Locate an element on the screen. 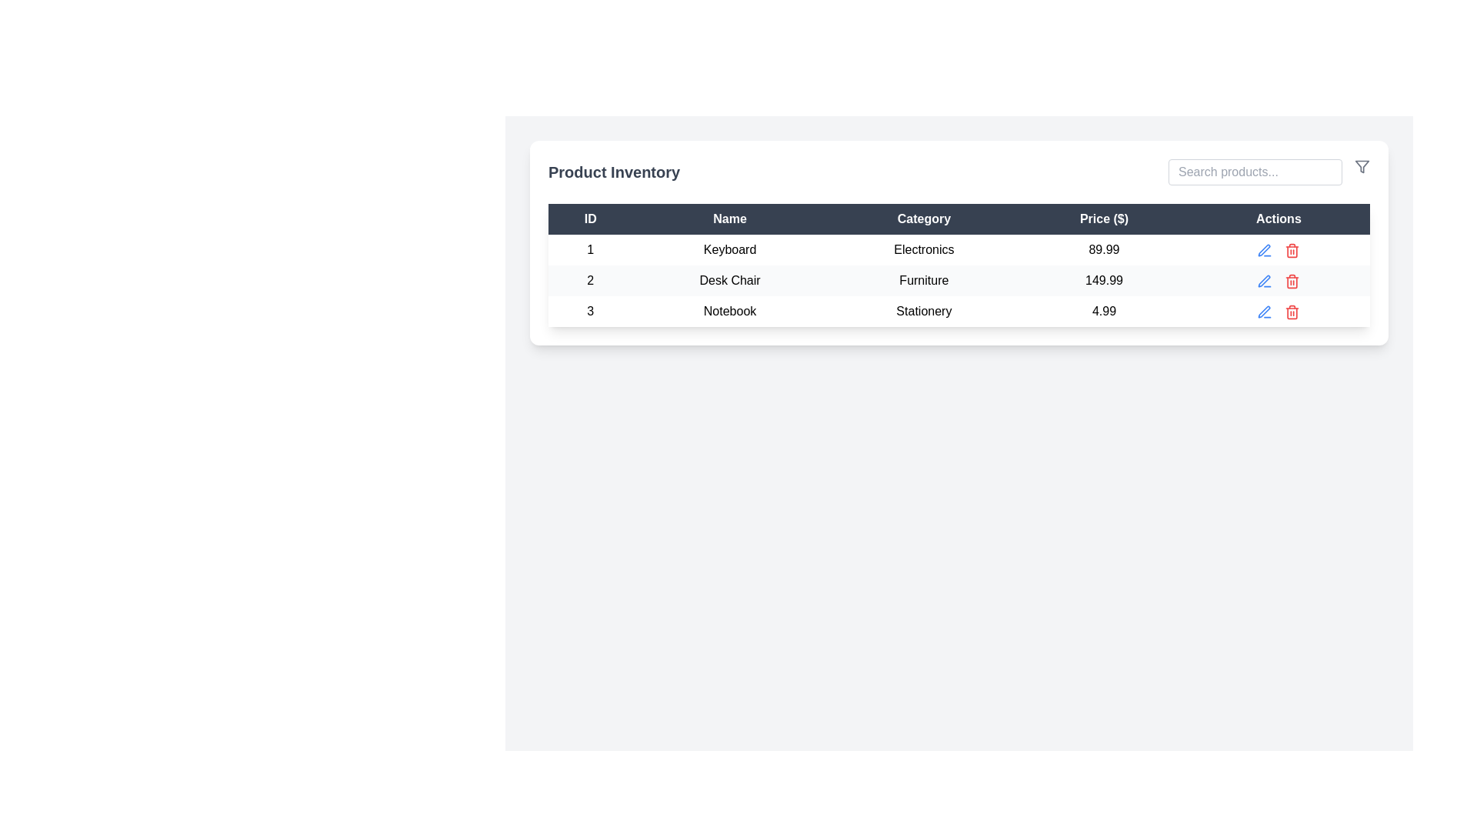  the static text label 'Furniture' that categorizes the item 'Desk Chair' in the table structure is located at coordinates (923, 281).